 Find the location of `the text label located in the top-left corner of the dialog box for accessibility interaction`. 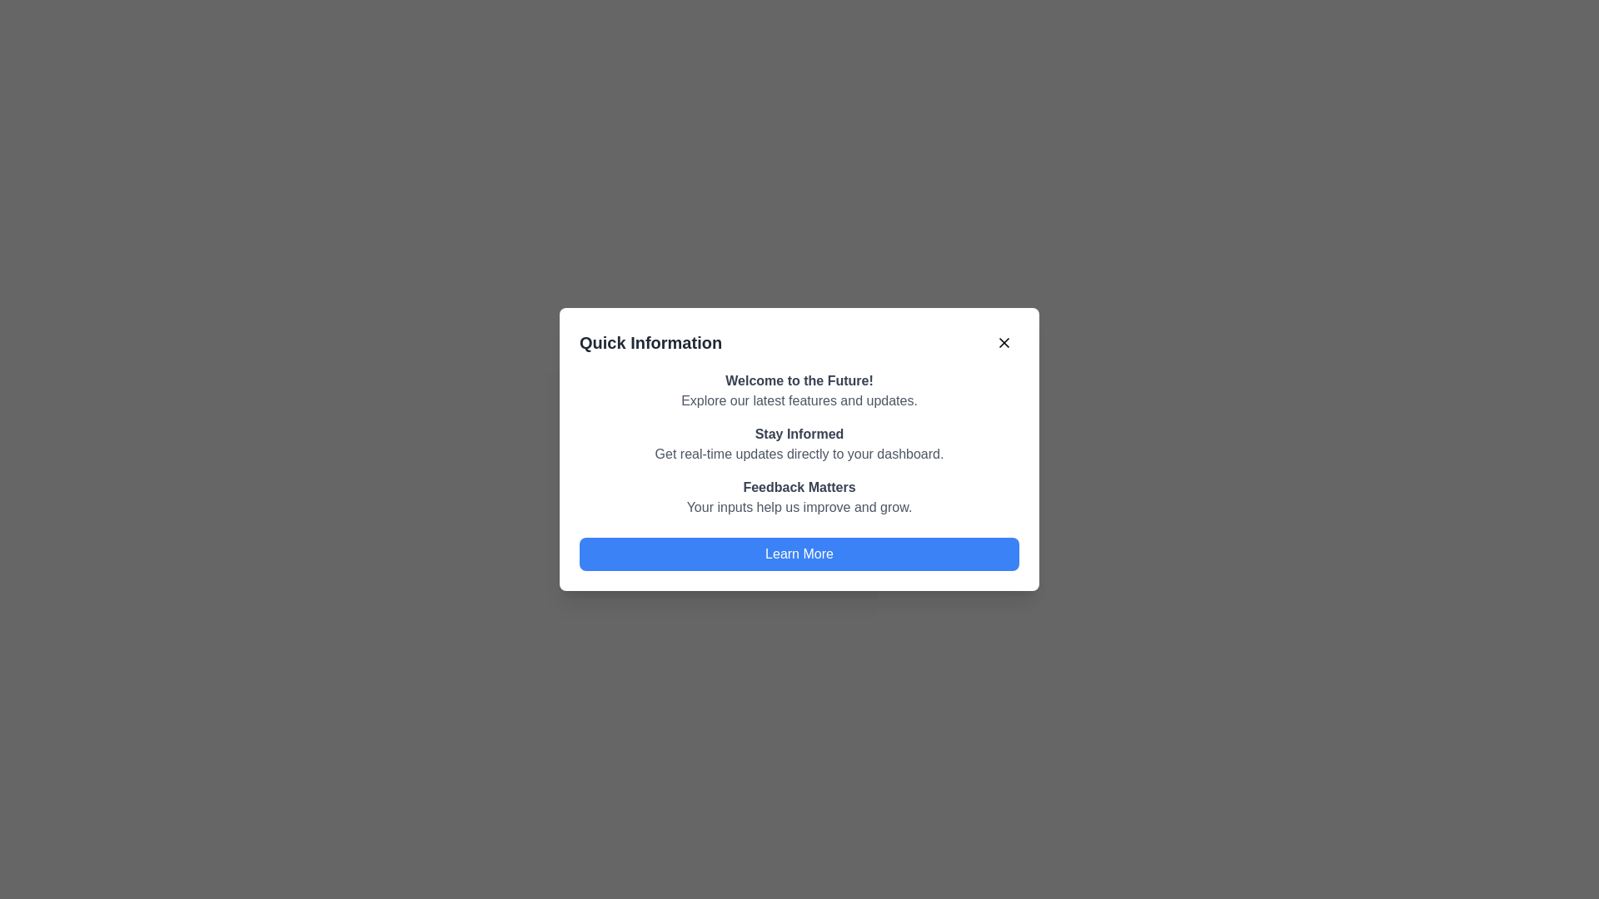

the text label located in the top-left corner of the dialog box for accessibility interaction is located at coordinates (650, 342).